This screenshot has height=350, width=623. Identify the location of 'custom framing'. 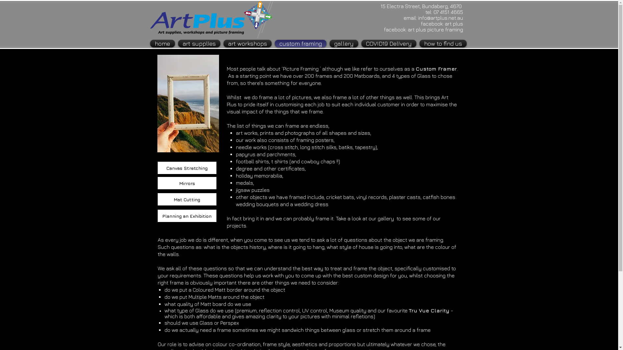
(300, 43).